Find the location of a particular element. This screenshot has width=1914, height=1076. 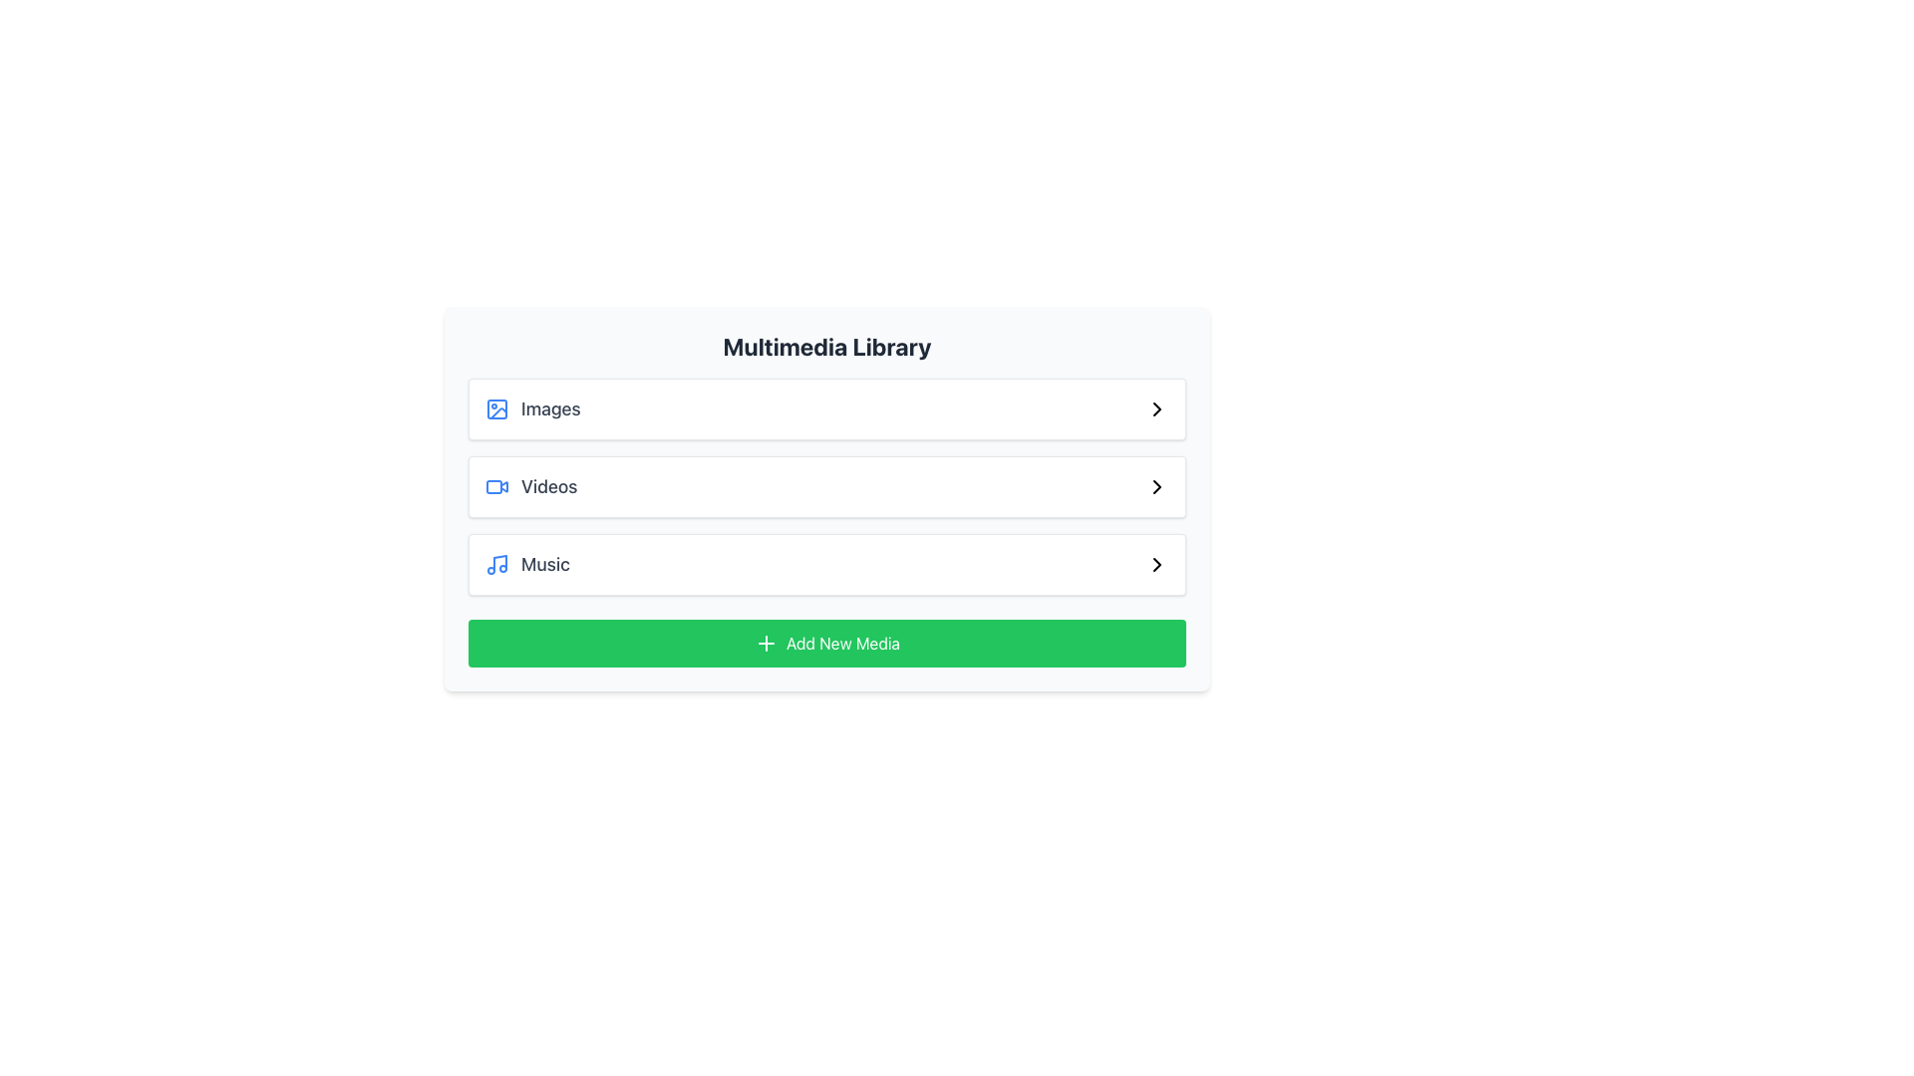

SVG rectangle element with curved corners that is part of an image-related icon by opening the developer tools is located at coordinates (497, 408).